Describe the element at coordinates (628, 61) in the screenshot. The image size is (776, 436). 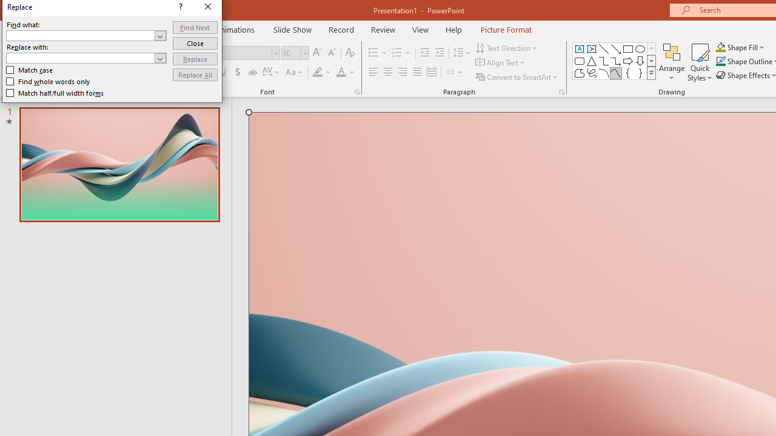
I see `'Arrow: Right'` at that location.